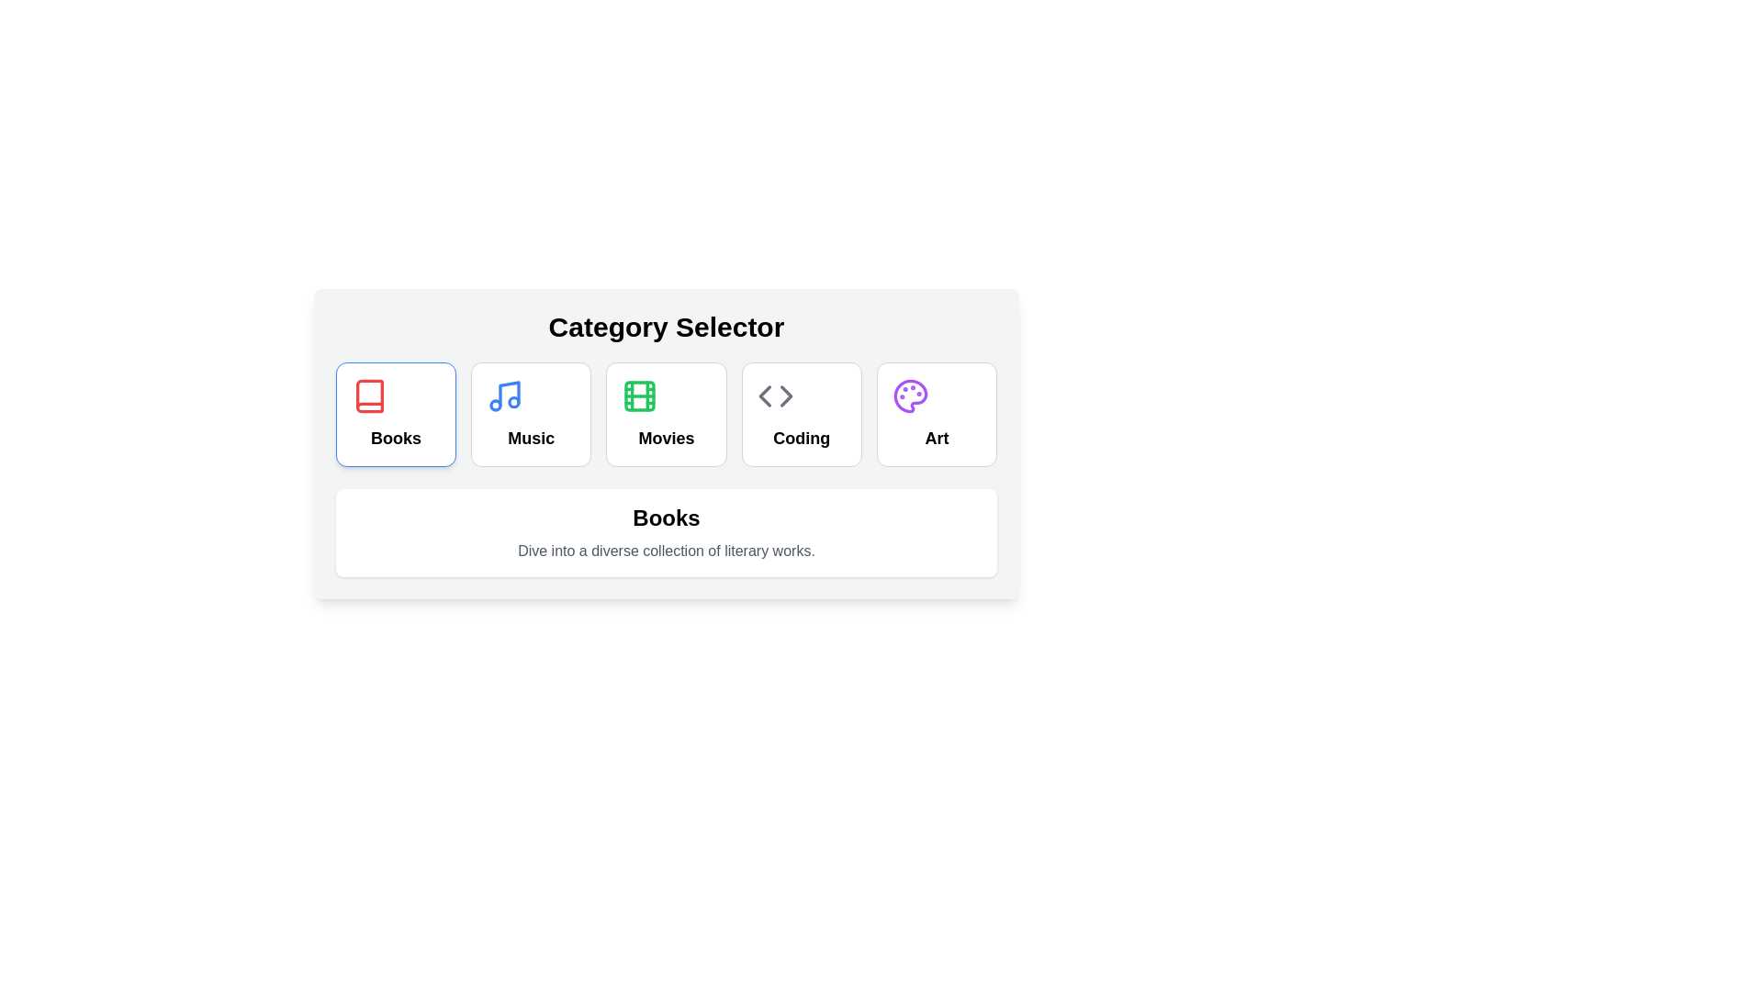 The width and height of the screenshot is (1763, 991). I want to click on the main circular palette graphic of the 'Art' category icon, so click(910, 395).